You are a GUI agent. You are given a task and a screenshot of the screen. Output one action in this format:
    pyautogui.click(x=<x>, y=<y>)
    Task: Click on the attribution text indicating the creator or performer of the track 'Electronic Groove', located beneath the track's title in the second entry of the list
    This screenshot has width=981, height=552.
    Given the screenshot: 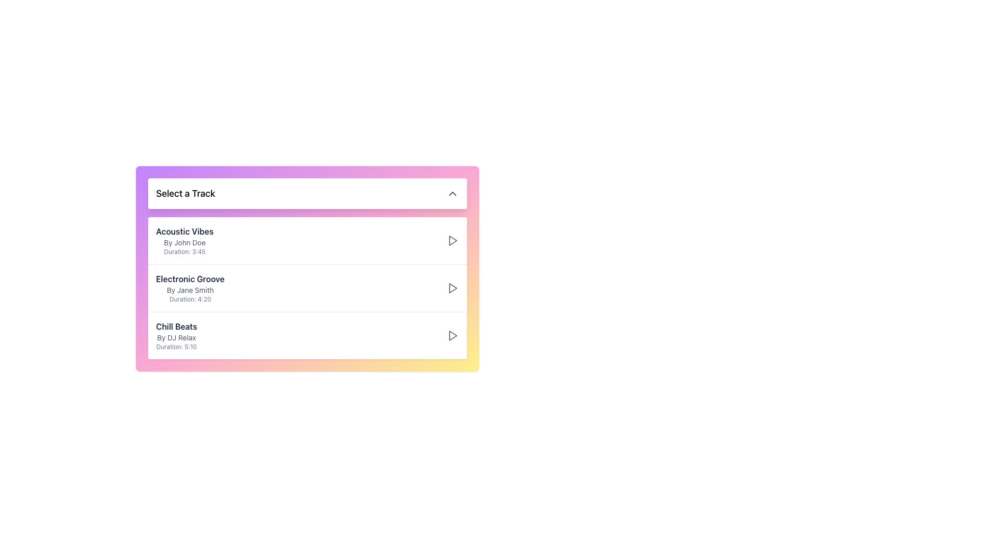 What is the action you would take?
    pyautogui.click(x=190, y=290)
    